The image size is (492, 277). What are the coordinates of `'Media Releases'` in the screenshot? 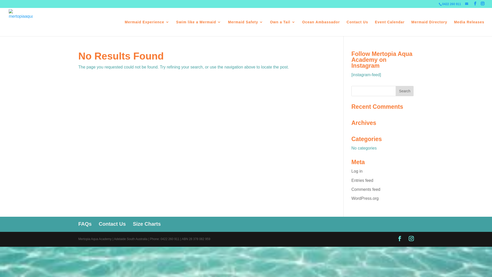 It's located at (469, 28).